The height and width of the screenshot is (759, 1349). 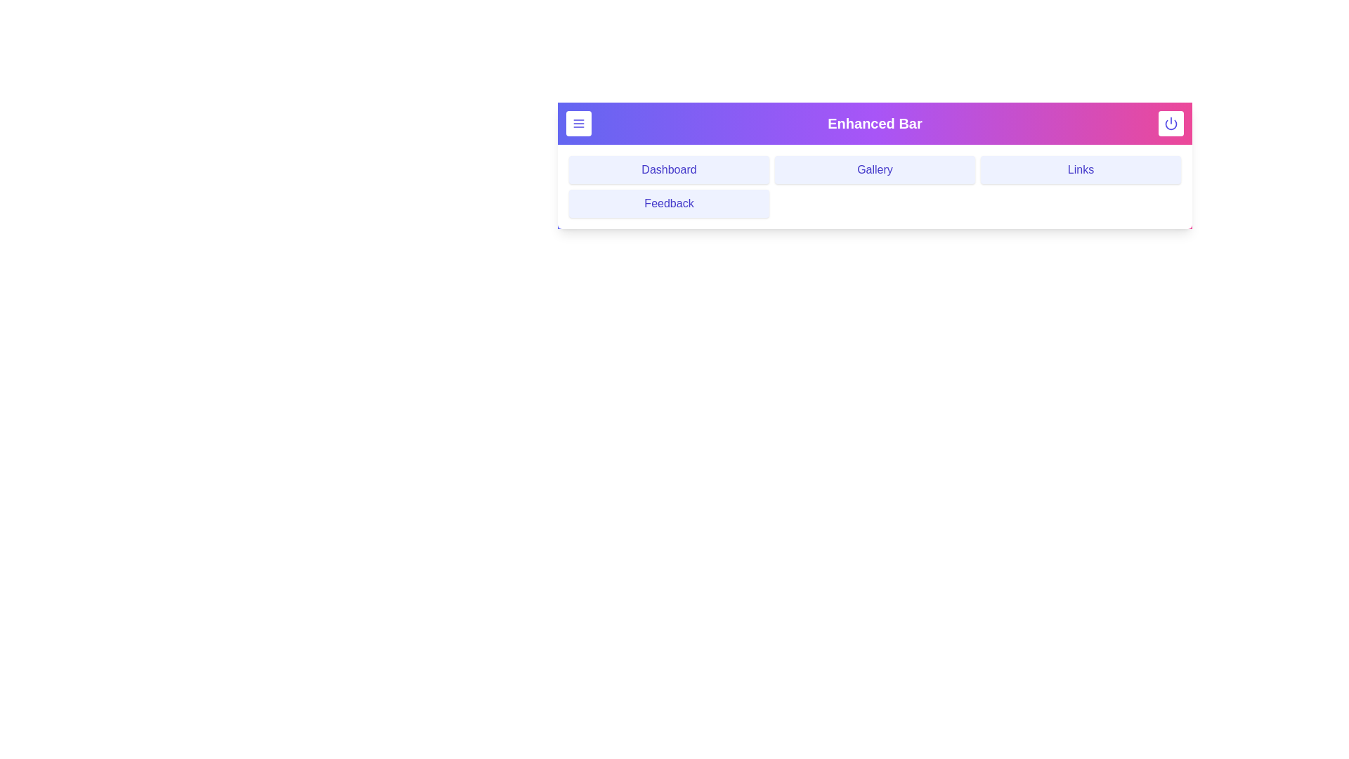 What do you see at coordinates (874, 169) in the screenshot?
I see `the menu button labeled Gallery` at bounding box center [874, 169].